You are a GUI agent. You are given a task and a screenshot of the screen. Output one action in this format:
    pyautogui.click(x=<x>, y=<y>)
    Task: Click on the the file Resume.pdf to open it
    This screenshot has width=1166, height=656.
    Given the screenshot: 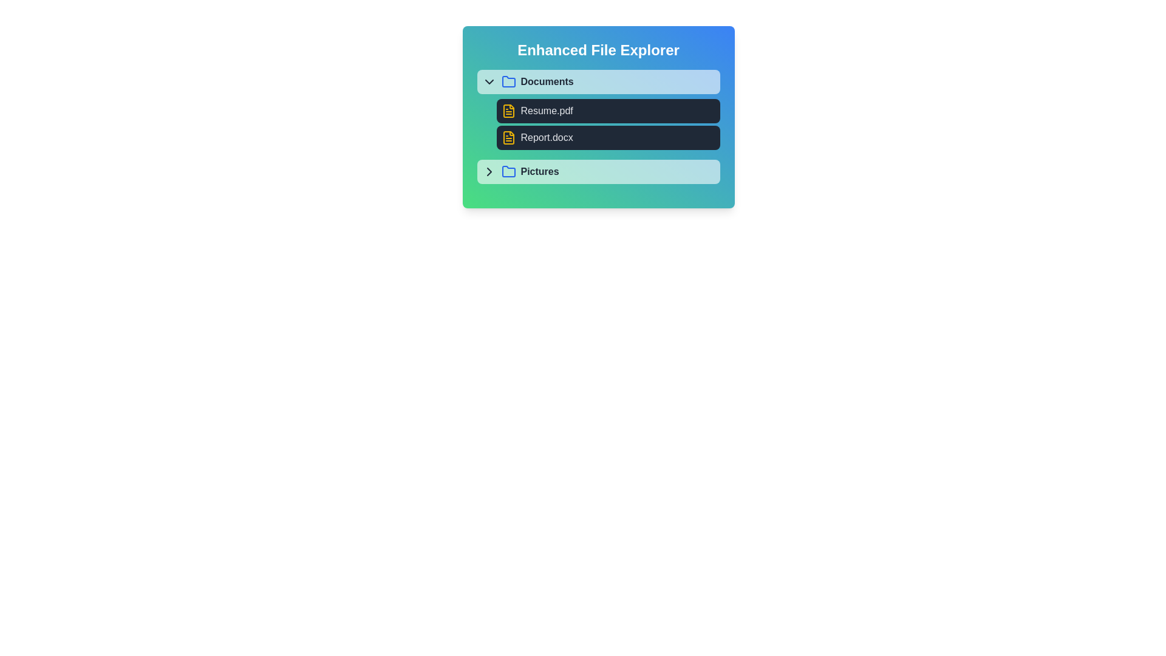 What is the action you would take?
    pyautogui.click(x=608, y=111)
    